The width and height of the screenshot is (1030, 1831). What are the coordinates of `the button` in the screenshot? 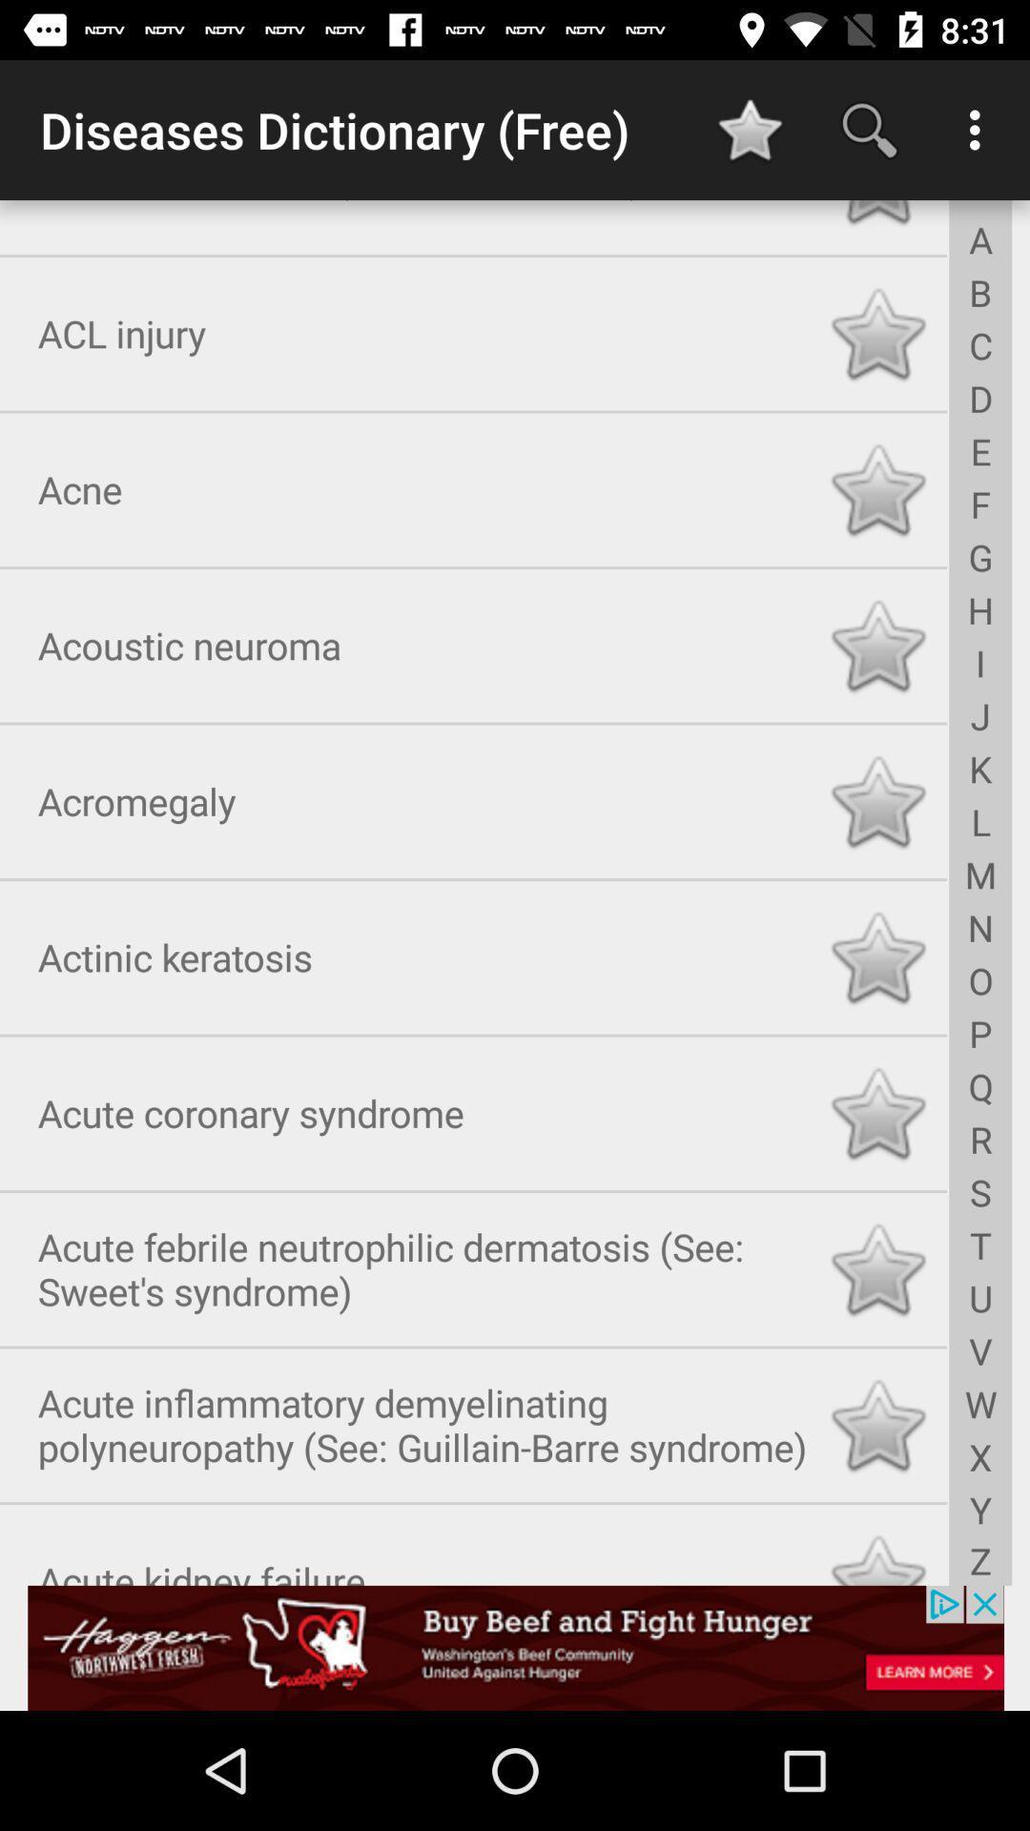 It's located at (877, 1265).